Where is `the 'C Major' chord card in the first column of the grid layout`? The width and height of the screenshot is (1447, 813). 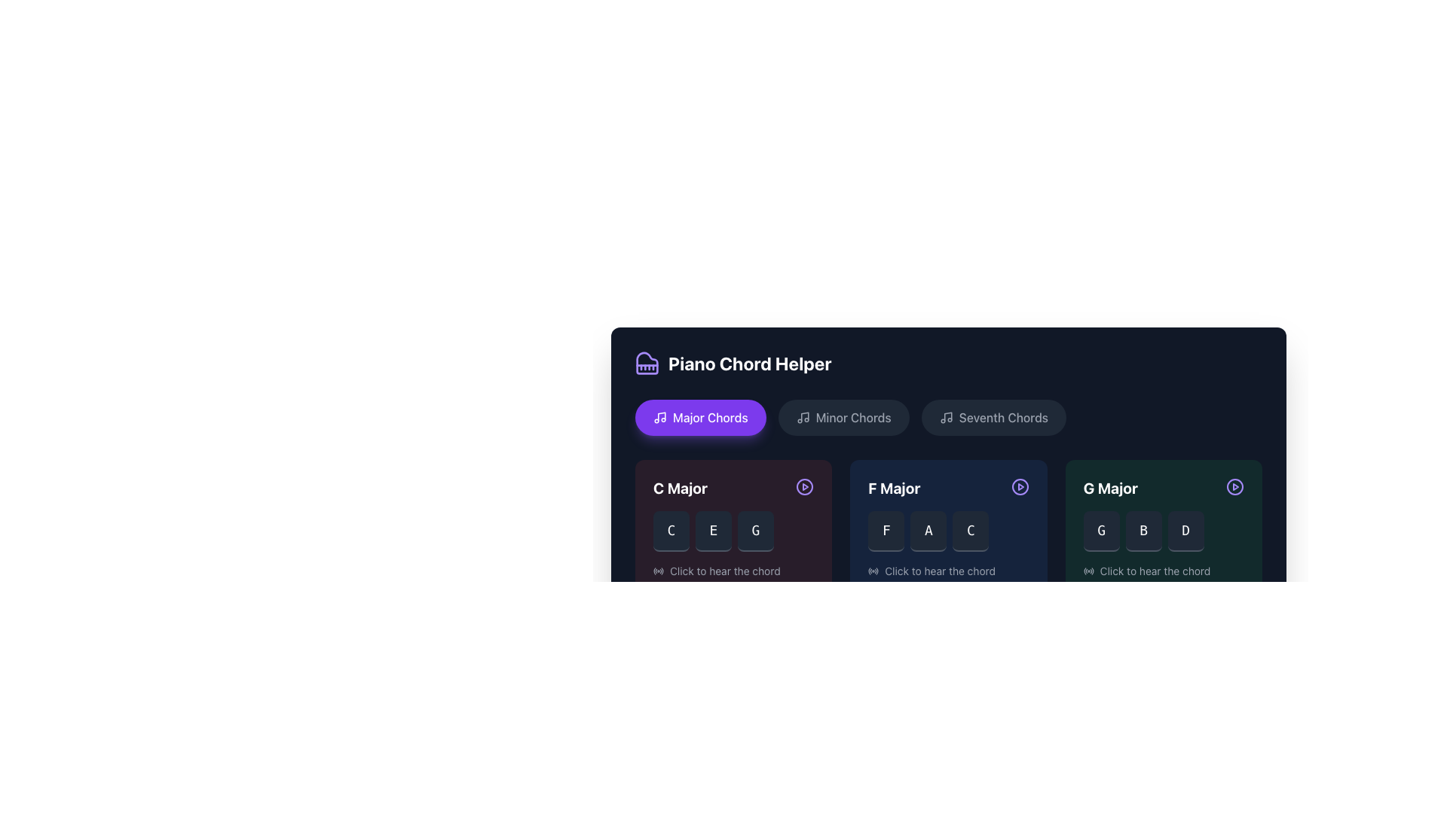
the 'C Major' chord card in the first column of the grid layout is located at coordinates (733, 528).